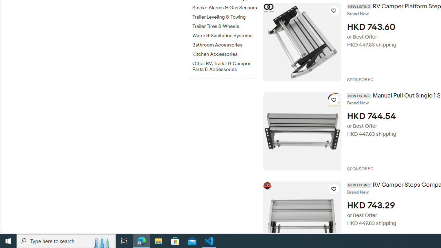 The width and height of the screenshot is (441, 248). Describe the element at coordinates (225, 66) in the screenshot. I see `'Other RV, Trailer & Camper Parts & Accessories'` at that location.